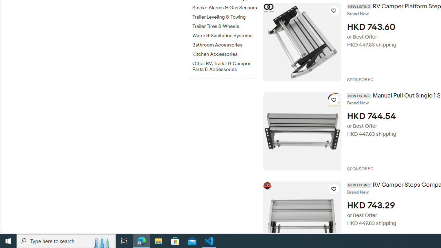 The width and height of the screenshot is (441, 248). Describe the element at coordinates (225, 66) in the screenshot. I see `'Other RV, Trailer & Camper Parts & Accessories'` at that location.